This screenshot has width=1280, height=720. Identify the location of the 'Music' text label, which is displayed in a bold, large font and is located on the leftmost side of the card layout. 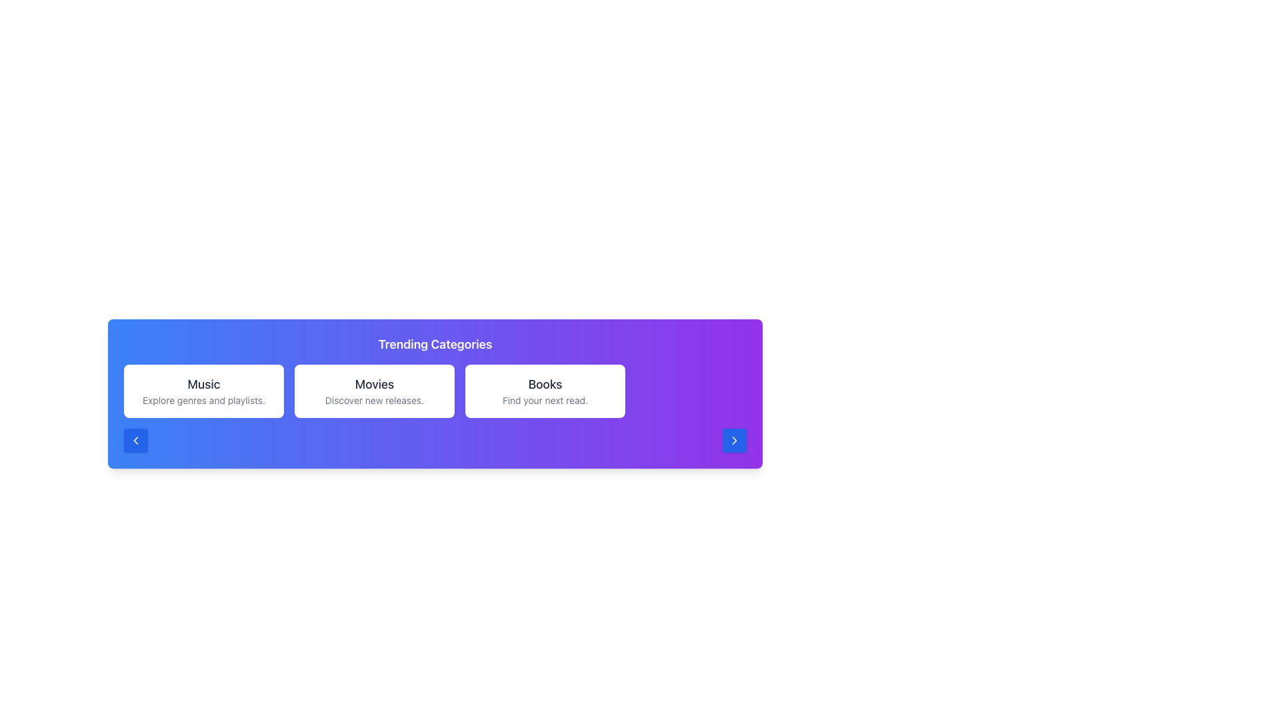
(203, 385).